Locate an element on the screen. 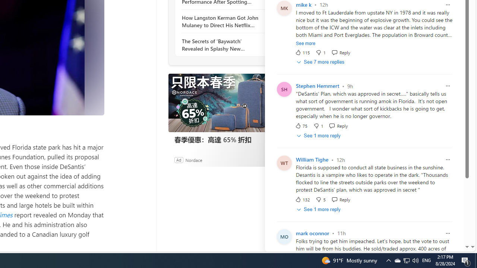 The image size is (477, 268). 'Report comment' is located at coordinates (447, 233).